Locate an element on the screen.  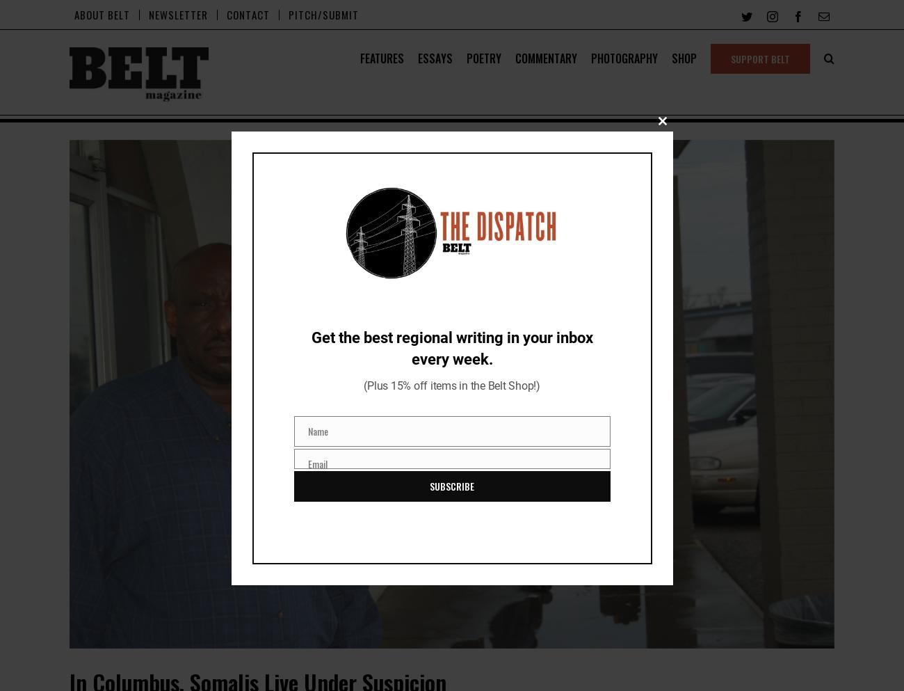
'POETRY' is located at coordinates (483, 58).